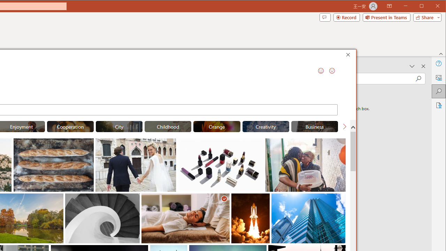 The image size is (446, 251). Describe the element at coordinates (344, 126) in the screenshot. I see `'Next Search Suggestion'` at that location.